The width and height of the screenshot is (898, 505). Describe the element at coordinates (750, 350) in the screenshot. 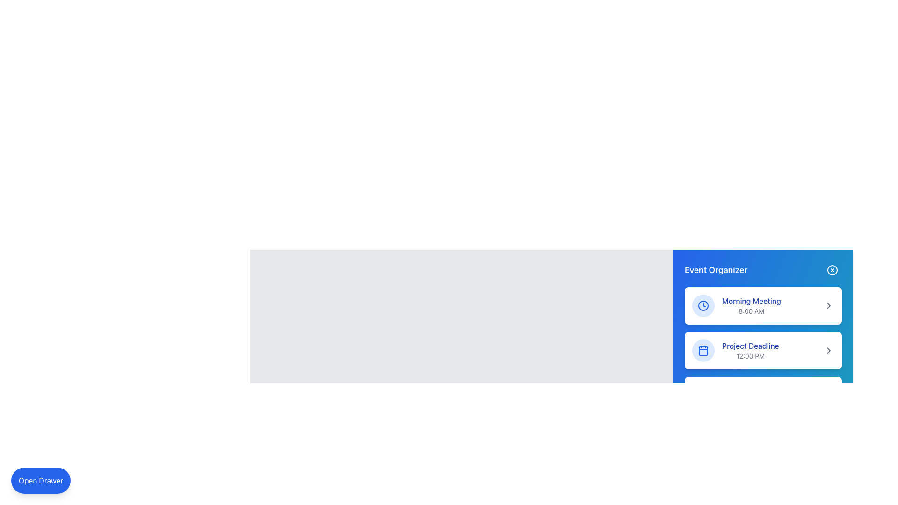

I see `the static text UI component displaying 'Project Deadline' and its scheduled time '12:00 PM' within the 'Event Organizer' panel, located in the second row beneath the 'Morning Meeting' card` at that location.